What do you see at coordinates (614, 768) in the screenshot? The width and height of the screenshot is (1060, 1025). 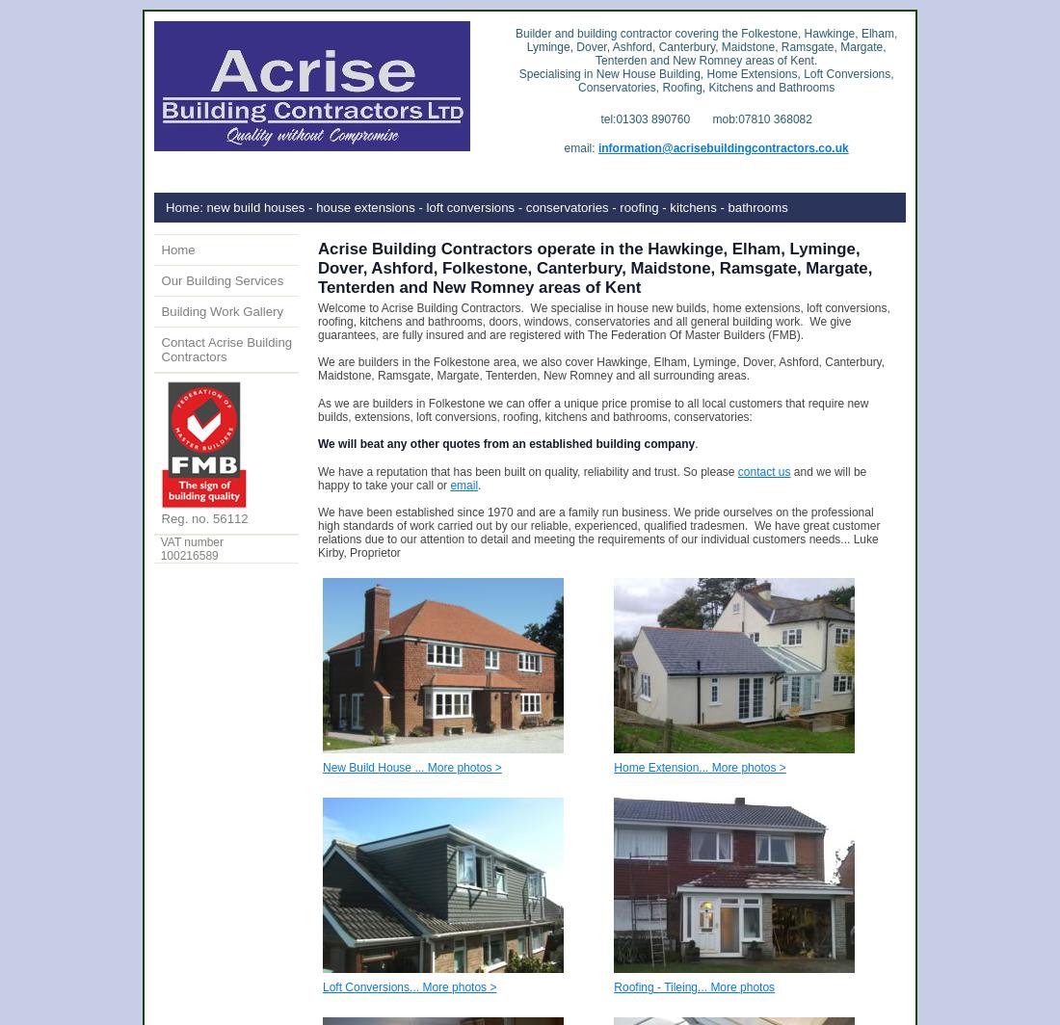 I see `'Home Extension... More photos >'` at bounding box center [614, 768].